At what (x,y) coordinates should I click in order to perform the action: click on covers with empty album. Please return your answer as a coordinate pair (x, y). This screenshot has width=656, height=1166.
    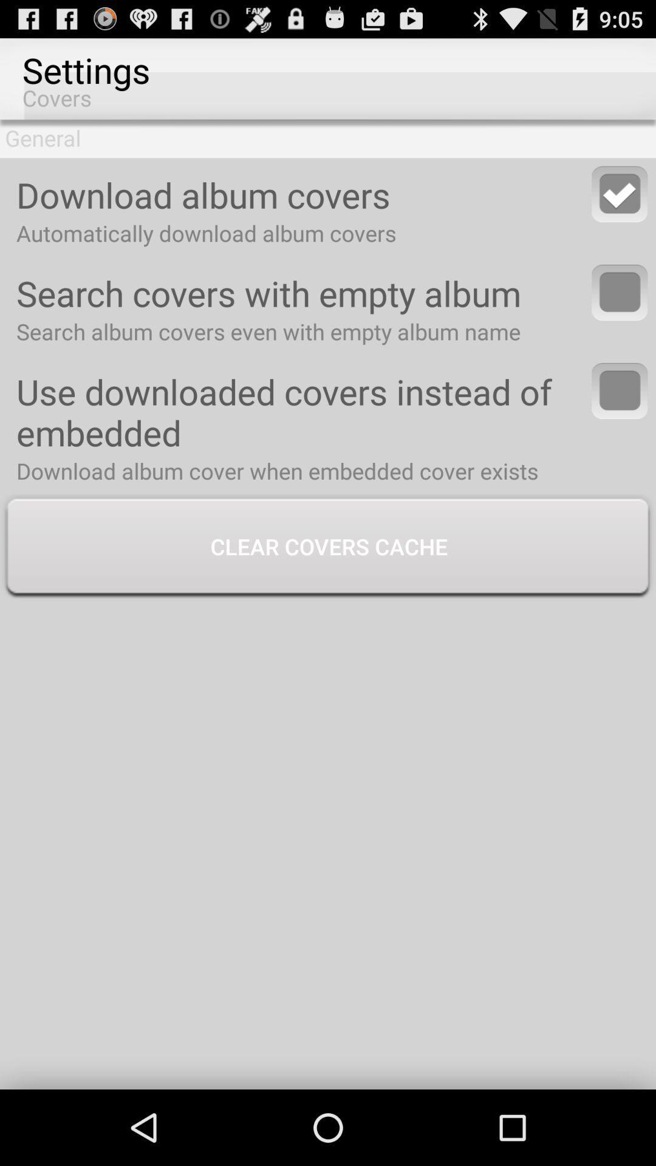
    Looking at the image, I should click on (620, 292).